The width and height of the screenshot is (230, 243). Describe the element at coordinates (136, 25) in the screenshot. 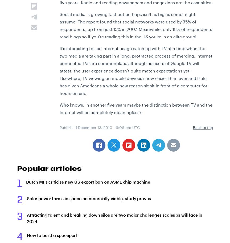

I see `'Social media is growing fast but perhaps isn’t as big as some might assume. The report found that social networks were used by 35% of respondents, up from just 15% in 2007. Meanwhile, only 18% of respondents read blogs so if you’re reading this in the US you’re in an elite group!'` at that location.